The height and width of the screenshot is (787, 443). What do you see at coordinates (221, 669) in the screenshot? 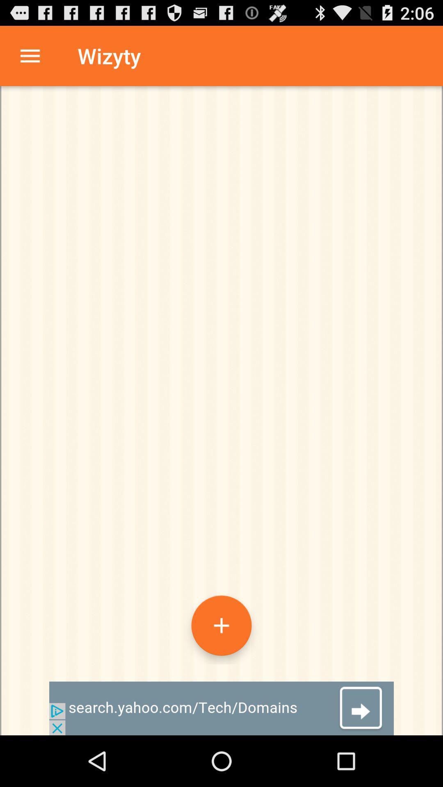
I see `the add icon` at bounding box center [221, 669].